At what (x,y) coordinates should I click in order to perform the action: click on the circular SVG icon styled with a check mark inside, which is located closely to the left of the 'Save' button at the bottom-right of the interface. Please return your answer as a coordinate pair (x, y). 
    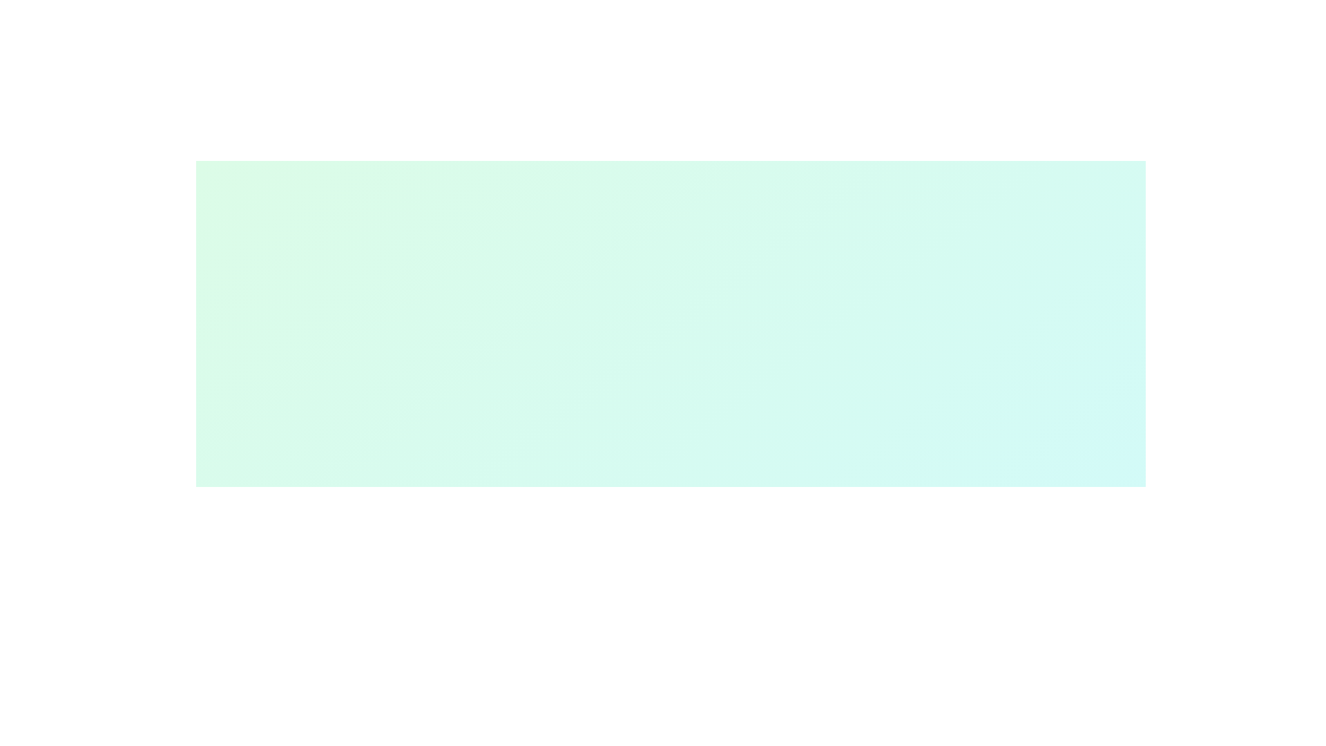
    Looking at the image, I should click on (758, 519).